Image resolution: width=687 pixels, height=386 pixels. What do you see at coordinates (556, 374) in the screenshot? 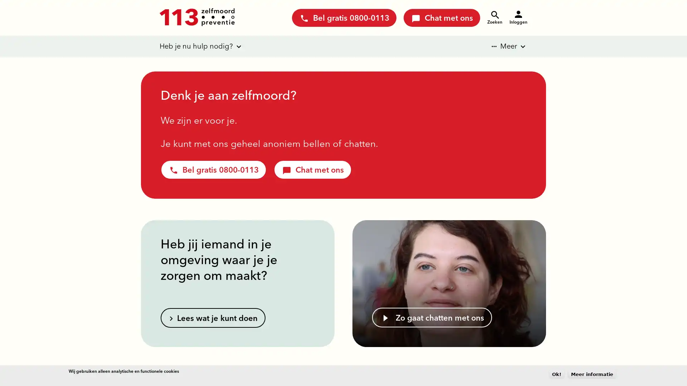
I see `Ok!` at bounding box center [556, 374].